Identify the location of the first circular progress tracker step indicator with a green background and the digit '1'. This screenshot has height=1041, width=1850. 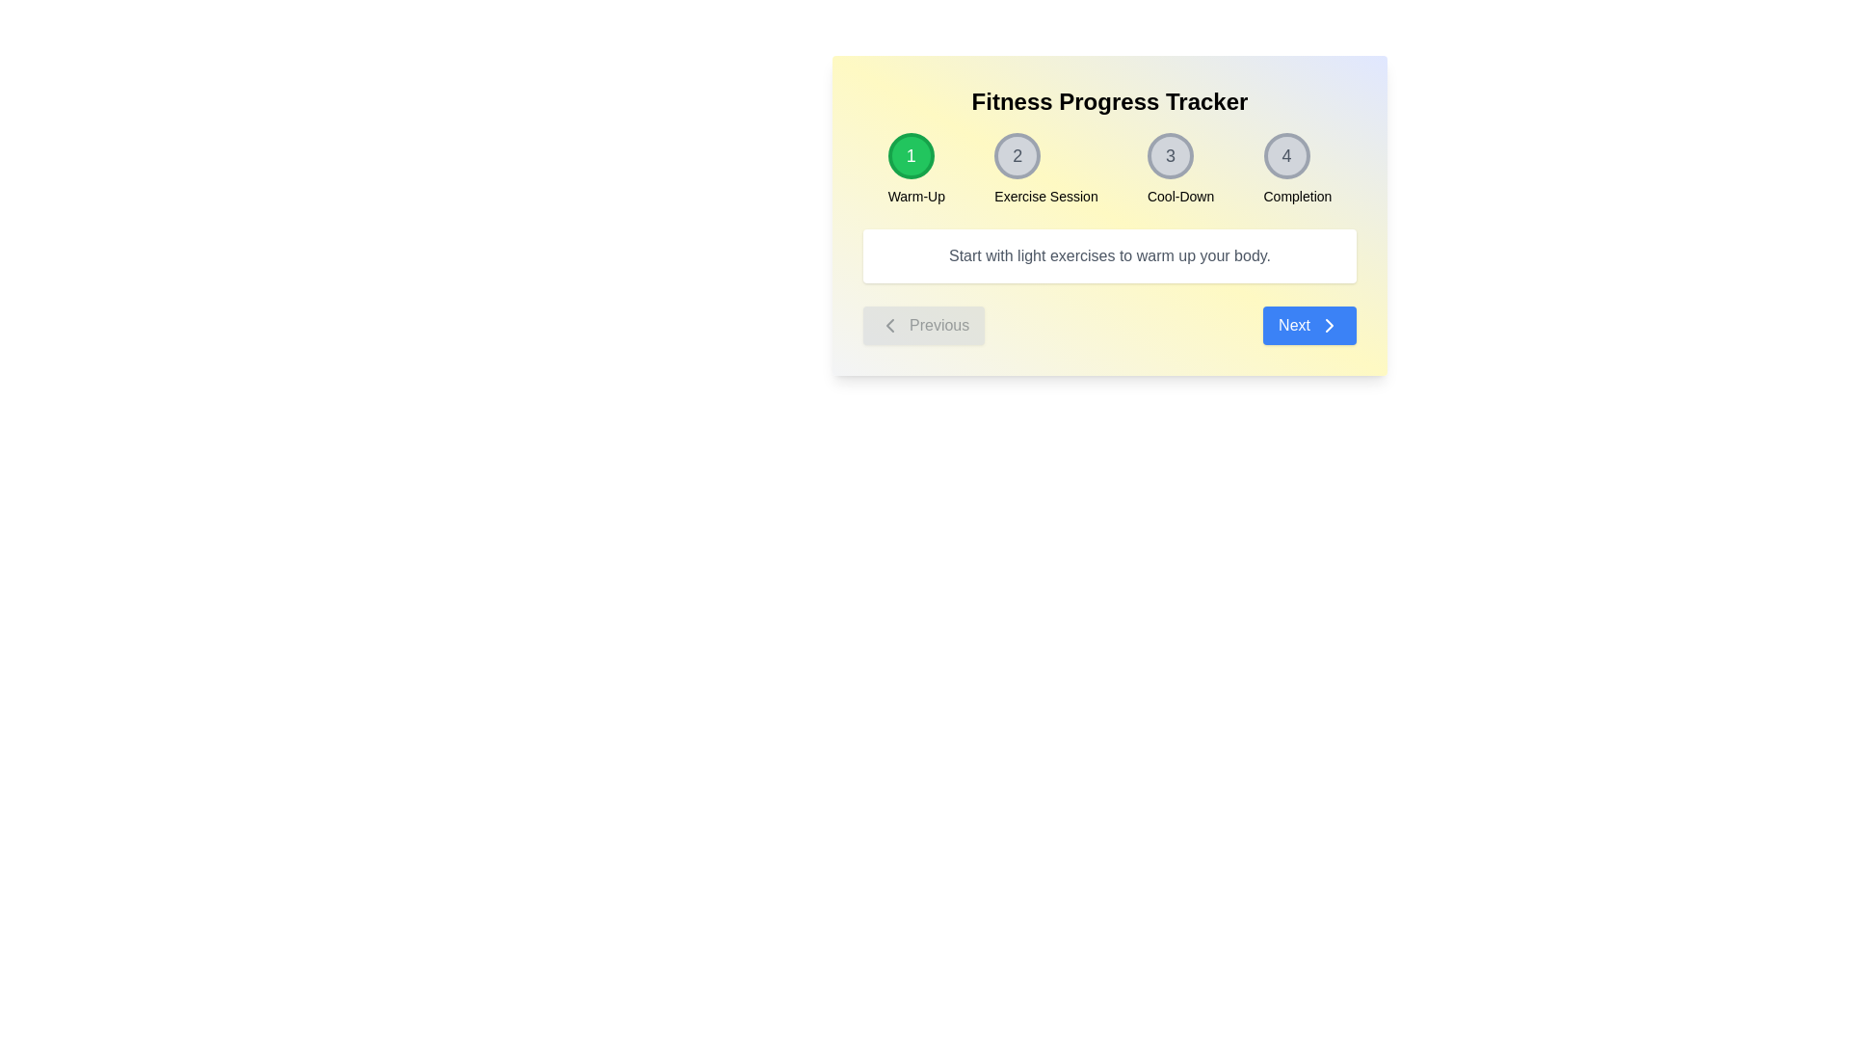
(910, 155).